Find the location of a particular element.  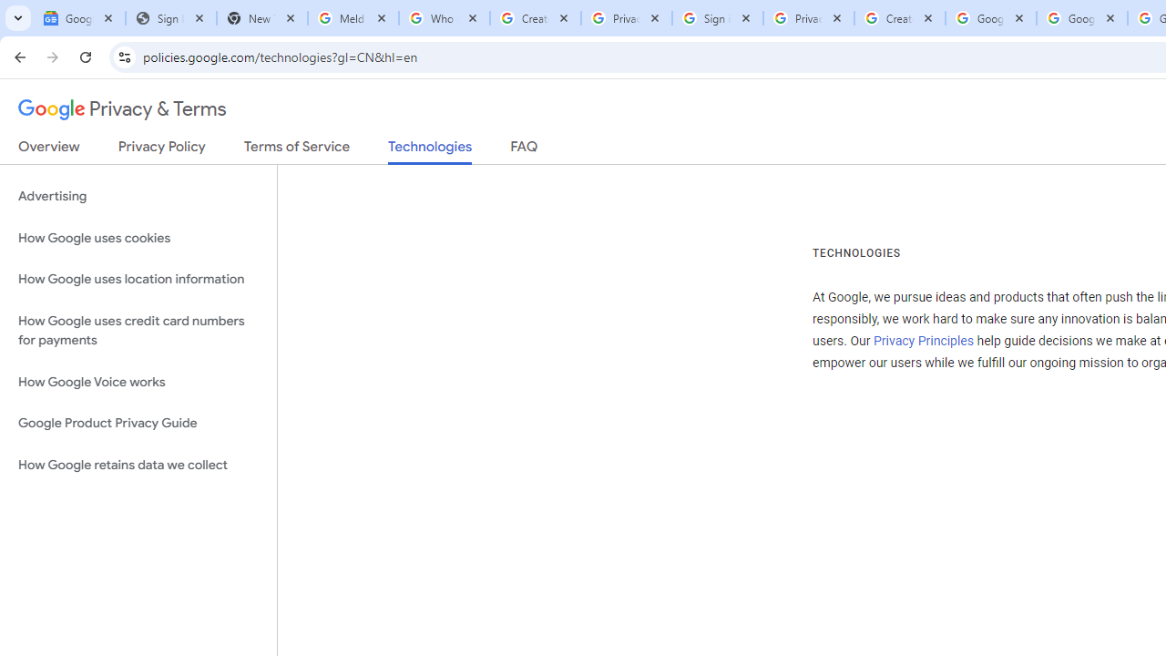

'How Google uses location information' is located at coordinates (138, 279).